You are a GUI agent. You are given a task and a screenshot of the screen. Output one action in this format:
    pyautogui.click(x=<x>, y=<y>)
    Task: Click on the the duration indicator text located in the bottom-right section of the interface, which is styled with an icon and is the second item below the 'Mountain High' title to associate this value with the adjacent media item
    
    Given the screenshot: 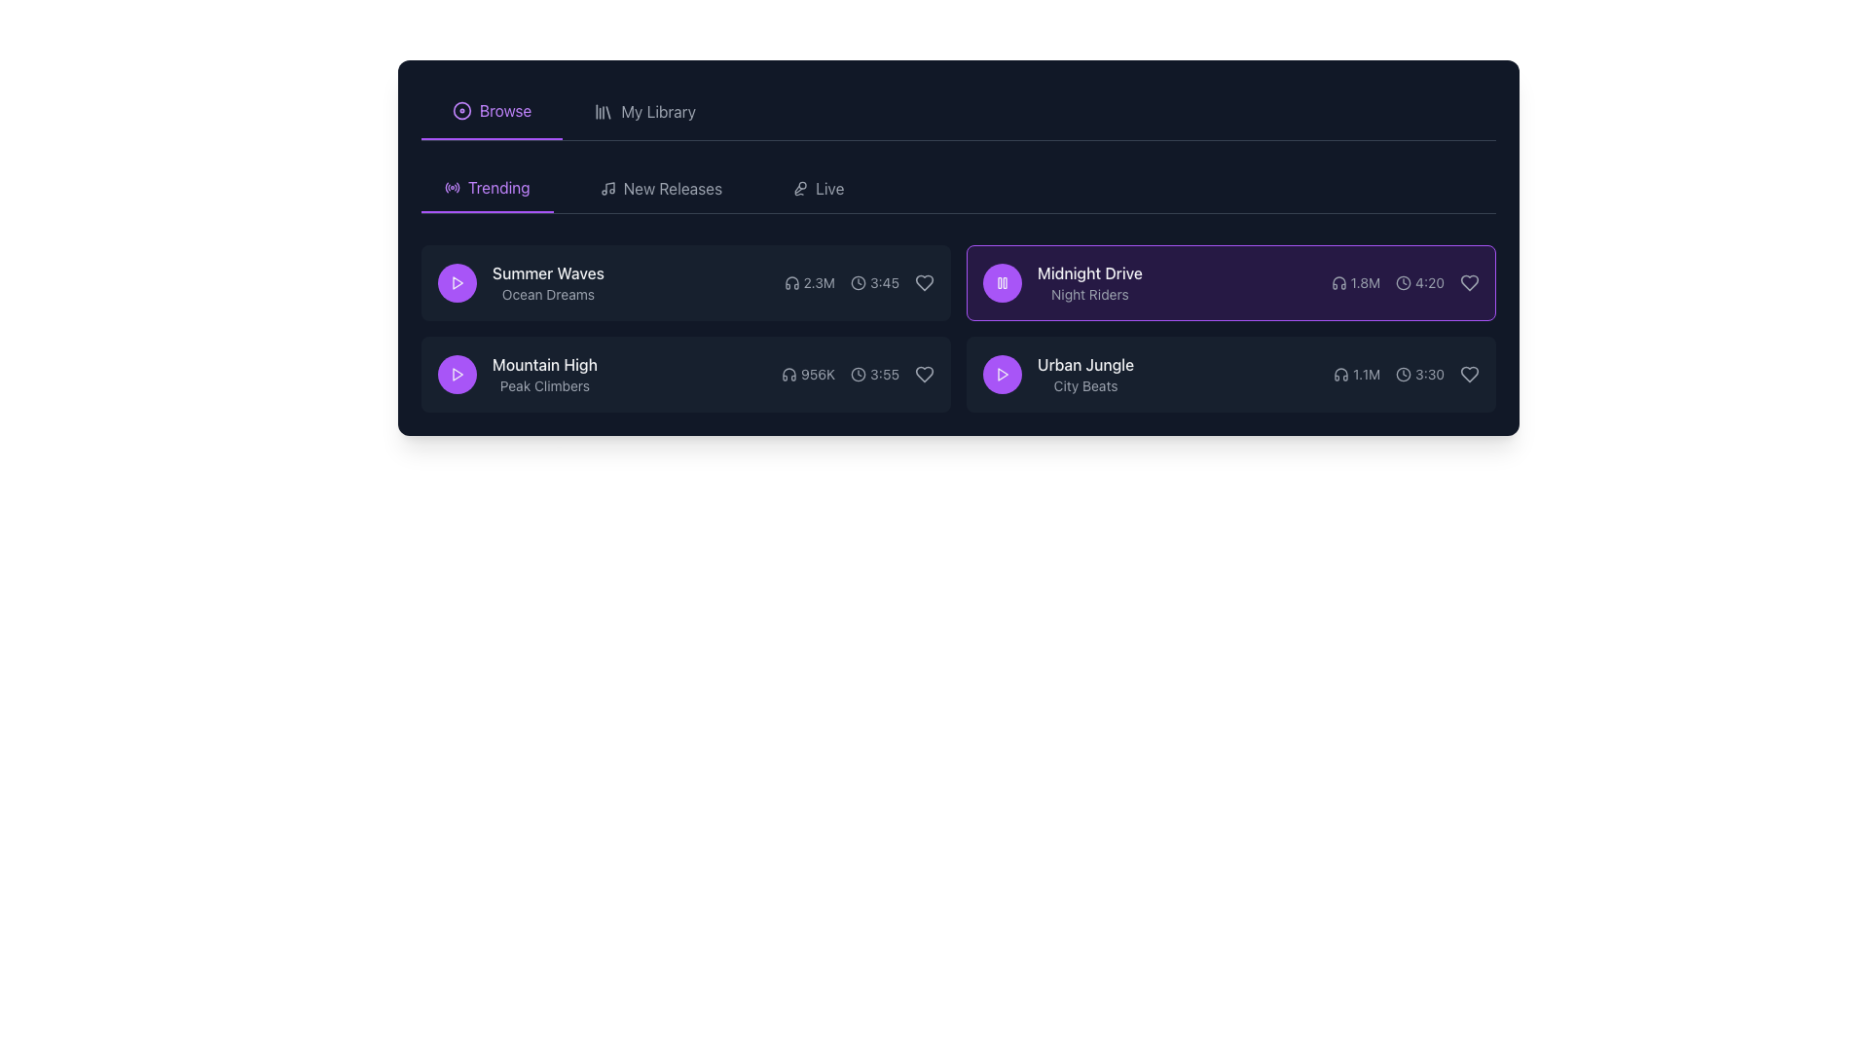 What is the action you would take?
    pyautogui.click(x=857, y=375)
    